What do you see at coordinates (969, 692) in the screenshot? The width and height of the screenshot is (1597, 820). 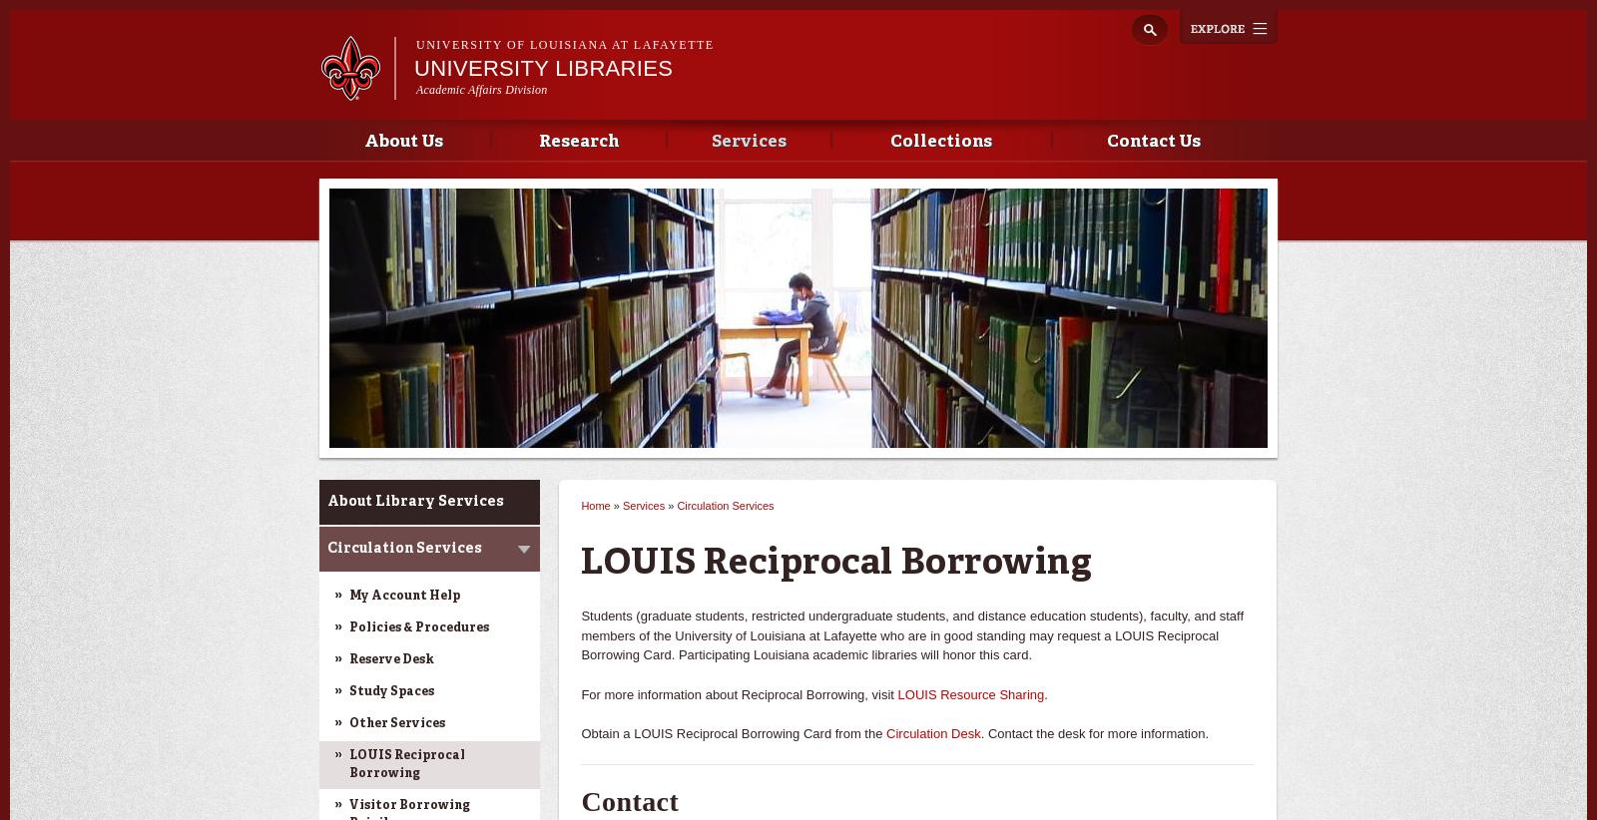 I see `'LOUIS Resource Sharing'` at bounding box center [969, 692].